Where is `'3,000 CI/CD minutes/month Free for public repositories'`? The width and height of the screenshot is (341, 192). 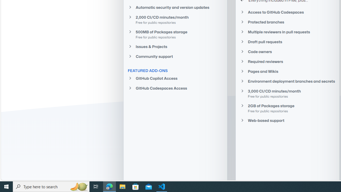 '3,000 CI/CD minutes/month Free for public repositories' is located at coordinates (287, 93).